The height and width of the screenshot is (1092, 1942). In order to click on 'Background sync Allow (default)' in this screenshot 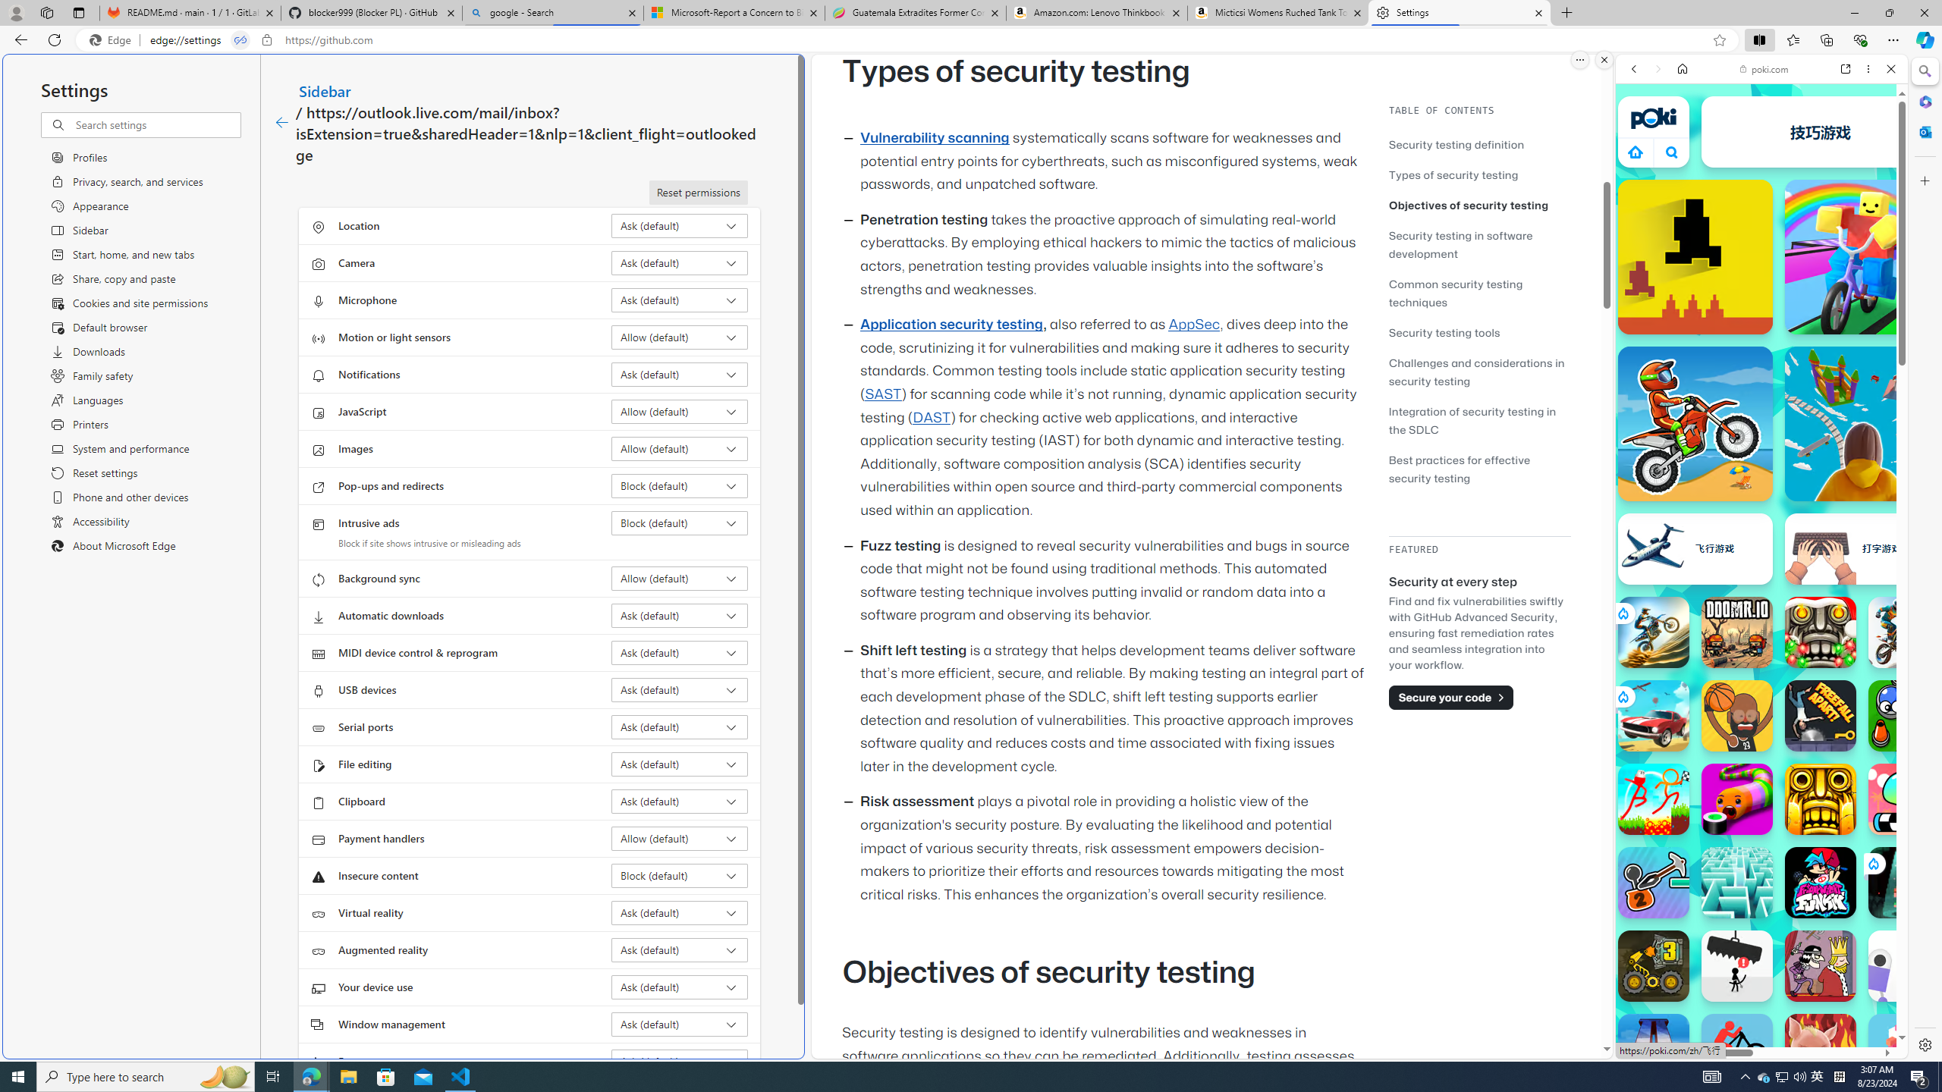, I will do `click(680, 578)`.